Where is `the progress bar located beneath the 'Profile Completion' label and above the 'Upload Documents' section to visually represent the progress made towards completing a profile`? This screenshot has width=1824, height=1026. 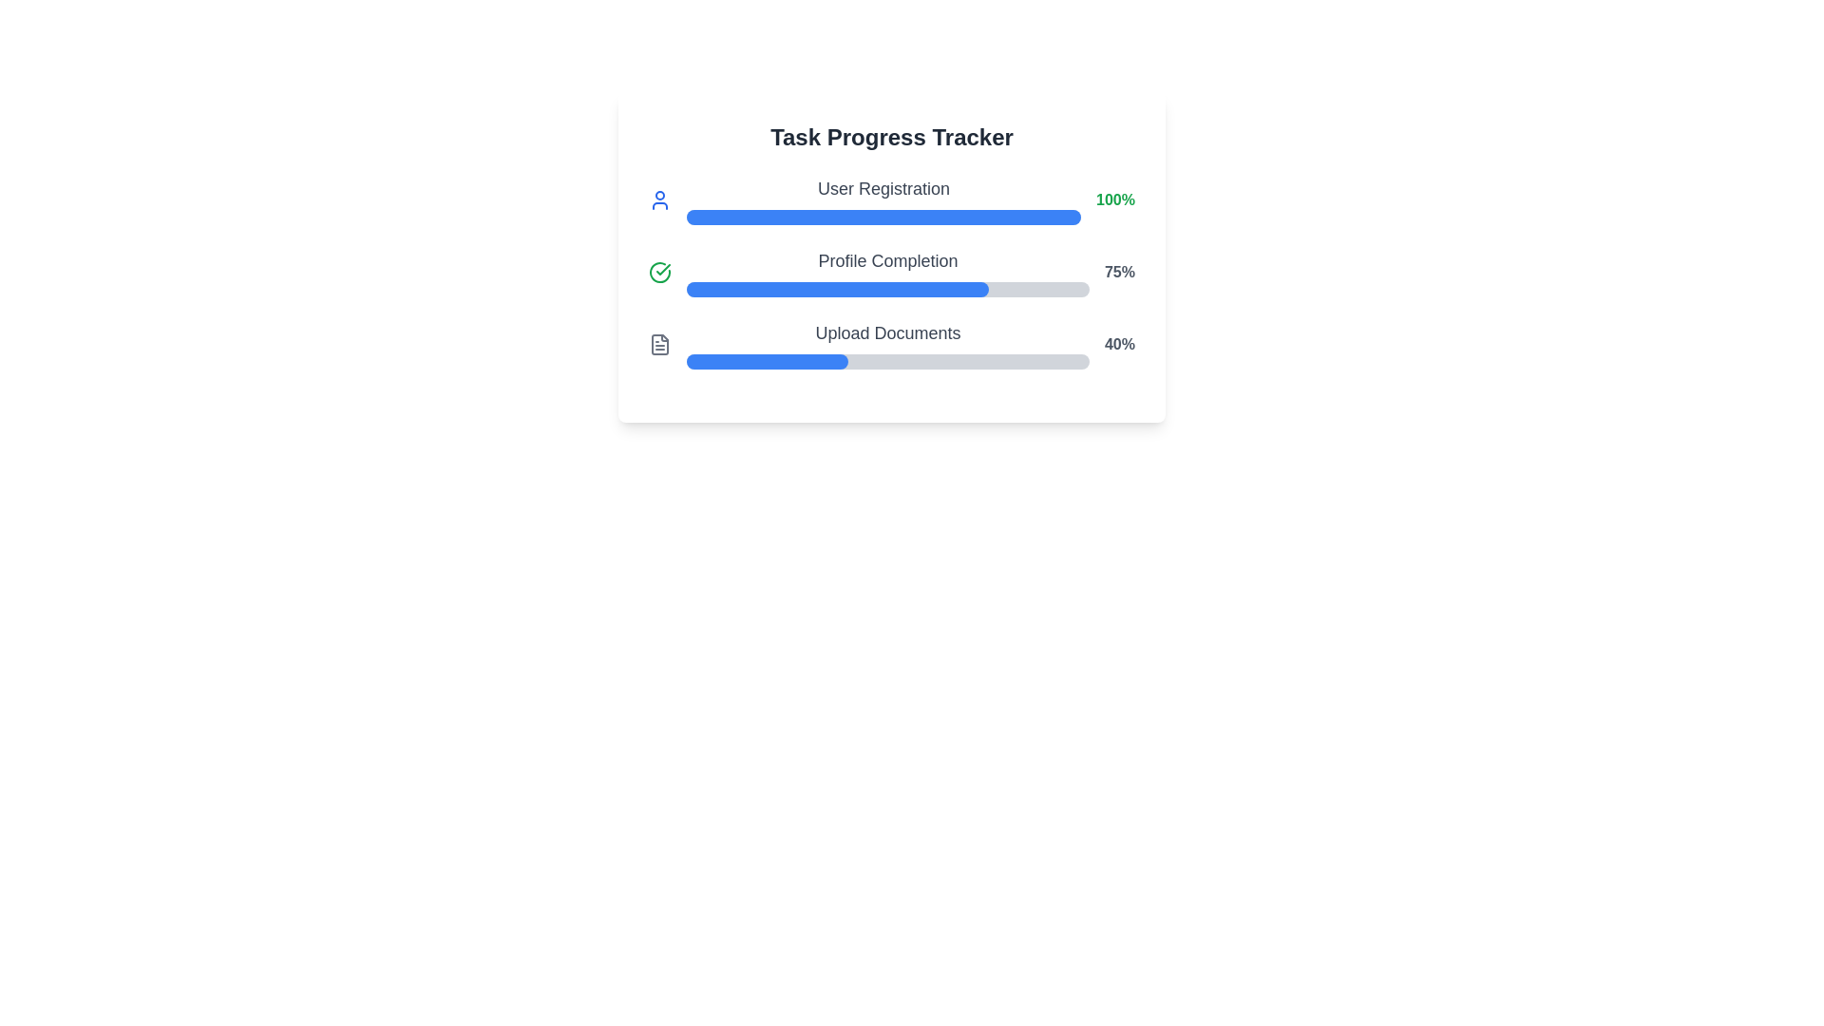 the progress bar located beneath the 'Profile Completion' label and above the 'Upload Documents' section to visually represent the progress made towards completing a profile is located at coordinates (887, 289).